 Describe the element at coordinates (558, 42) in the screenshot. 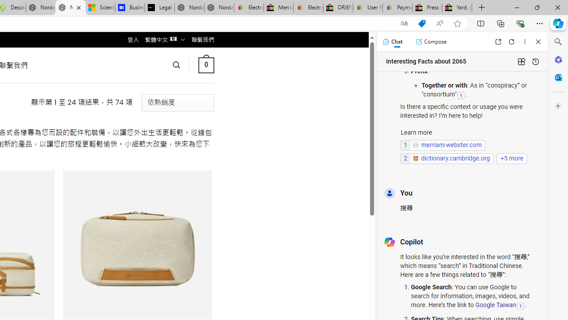

I see `'Minimize Search pane'` at that location.